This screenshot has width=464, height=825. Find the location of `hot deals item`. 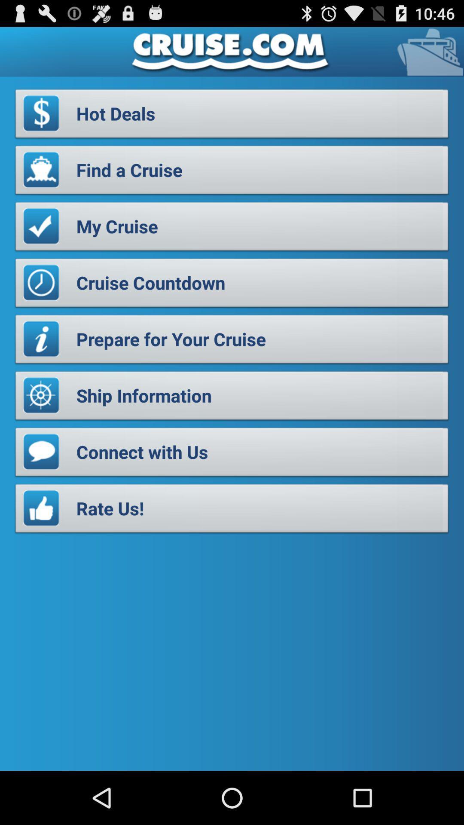

hot deals item is located at coordinates (232, 116).